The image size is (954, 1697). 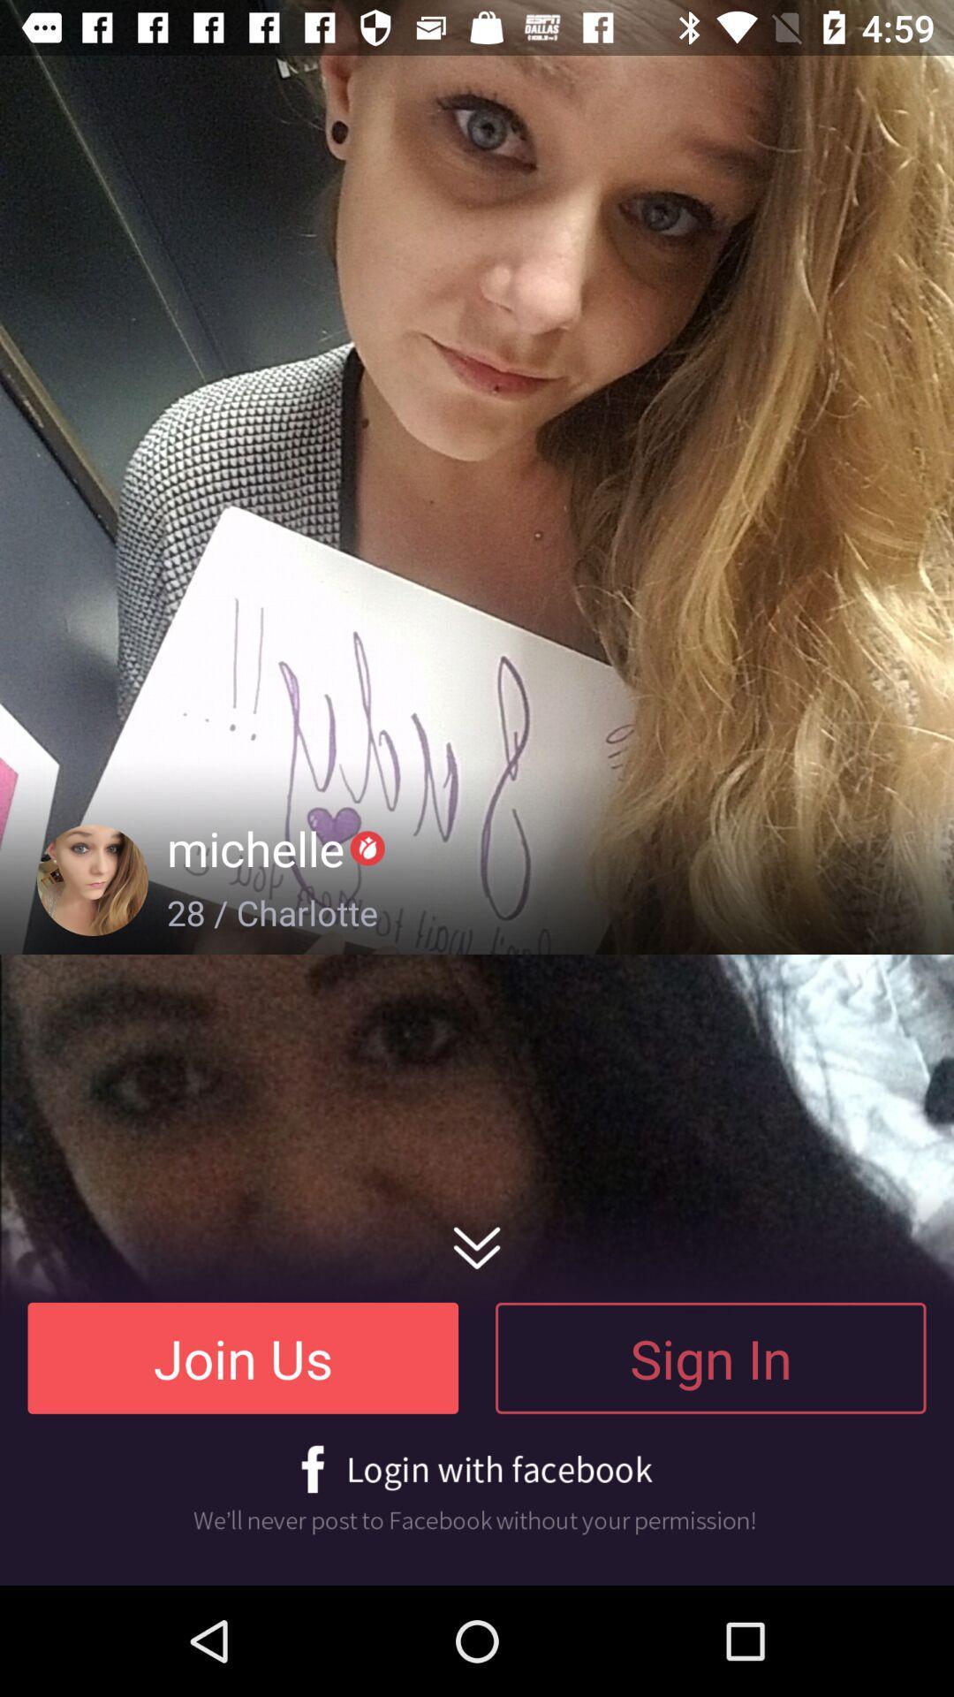 I want to click on icon next to the join us icon, so click(x=709, y=1357).